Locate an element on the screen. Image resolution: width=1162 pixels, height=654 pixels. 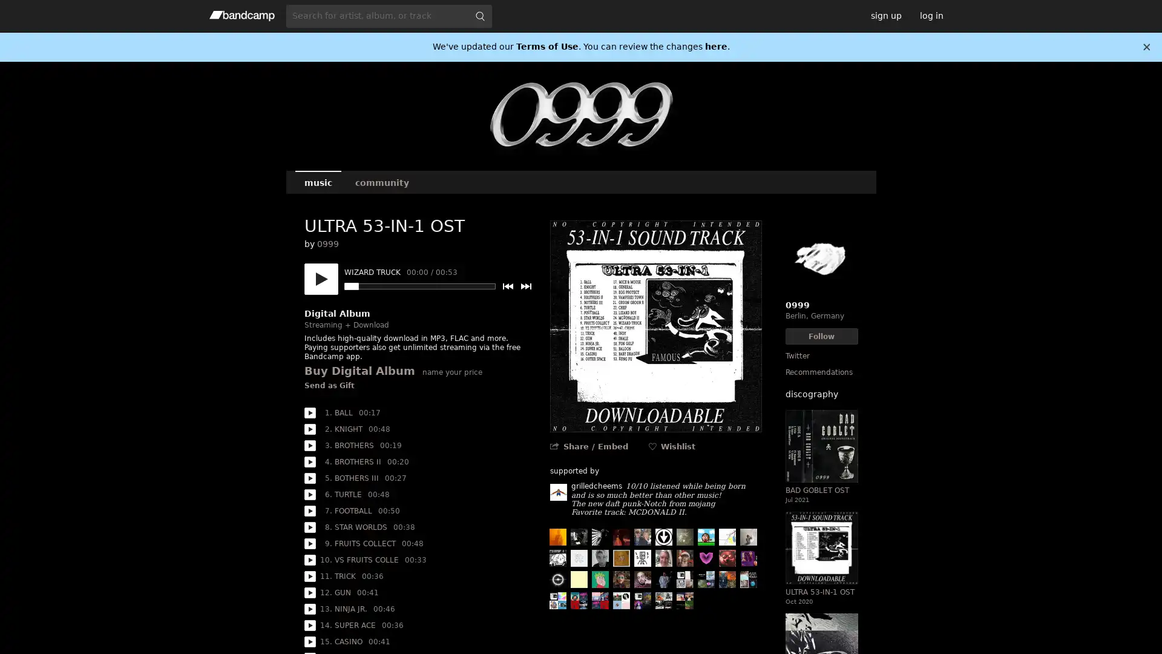
Play TURTLE is located at coordinates (309, 495).